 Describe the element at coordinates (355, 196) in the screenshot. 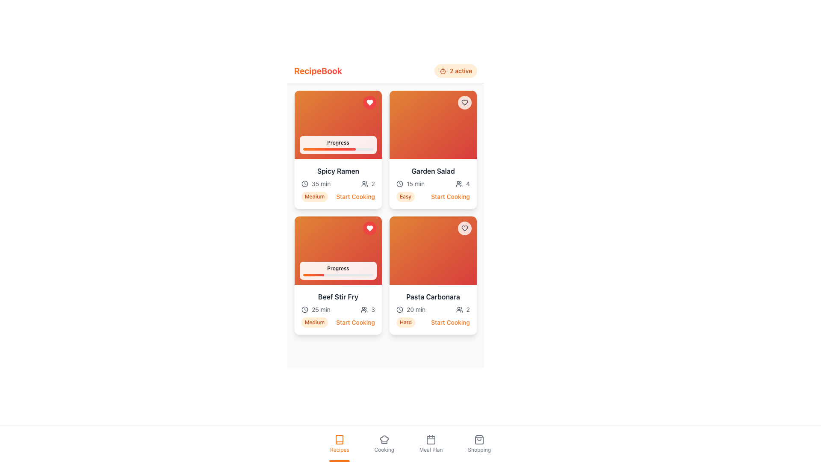

I see `the 'Start Cooking' button, which is an orange text label positioned below the recipe title in the Spicy Ramen card, to observe any hover effects like color change` at that location.